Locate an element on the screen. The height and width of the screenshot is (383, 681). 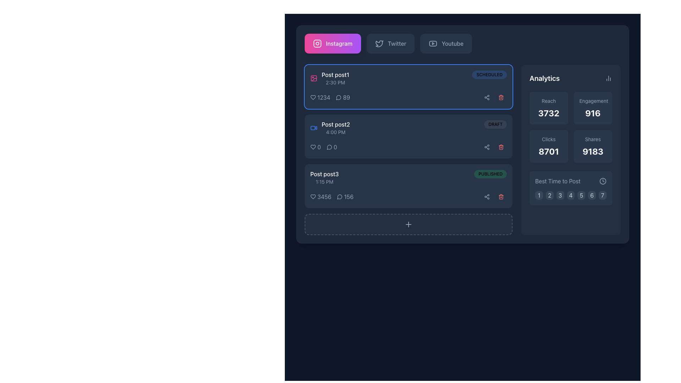
the selection button for the number '3' in the 'Best Time to Post' section is located at coordinates (560, 195).